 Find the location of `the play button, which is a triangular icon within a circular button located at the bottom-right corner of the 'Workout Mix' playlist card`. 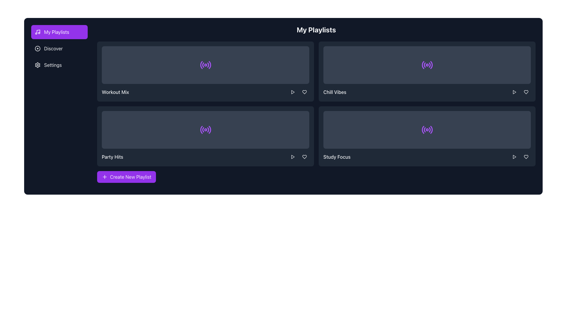

the play button, which is a triangular icon within a circular button located at the bottom-right corner of the 'Workout Mix' playlist card is located at coordinates (293, 92).